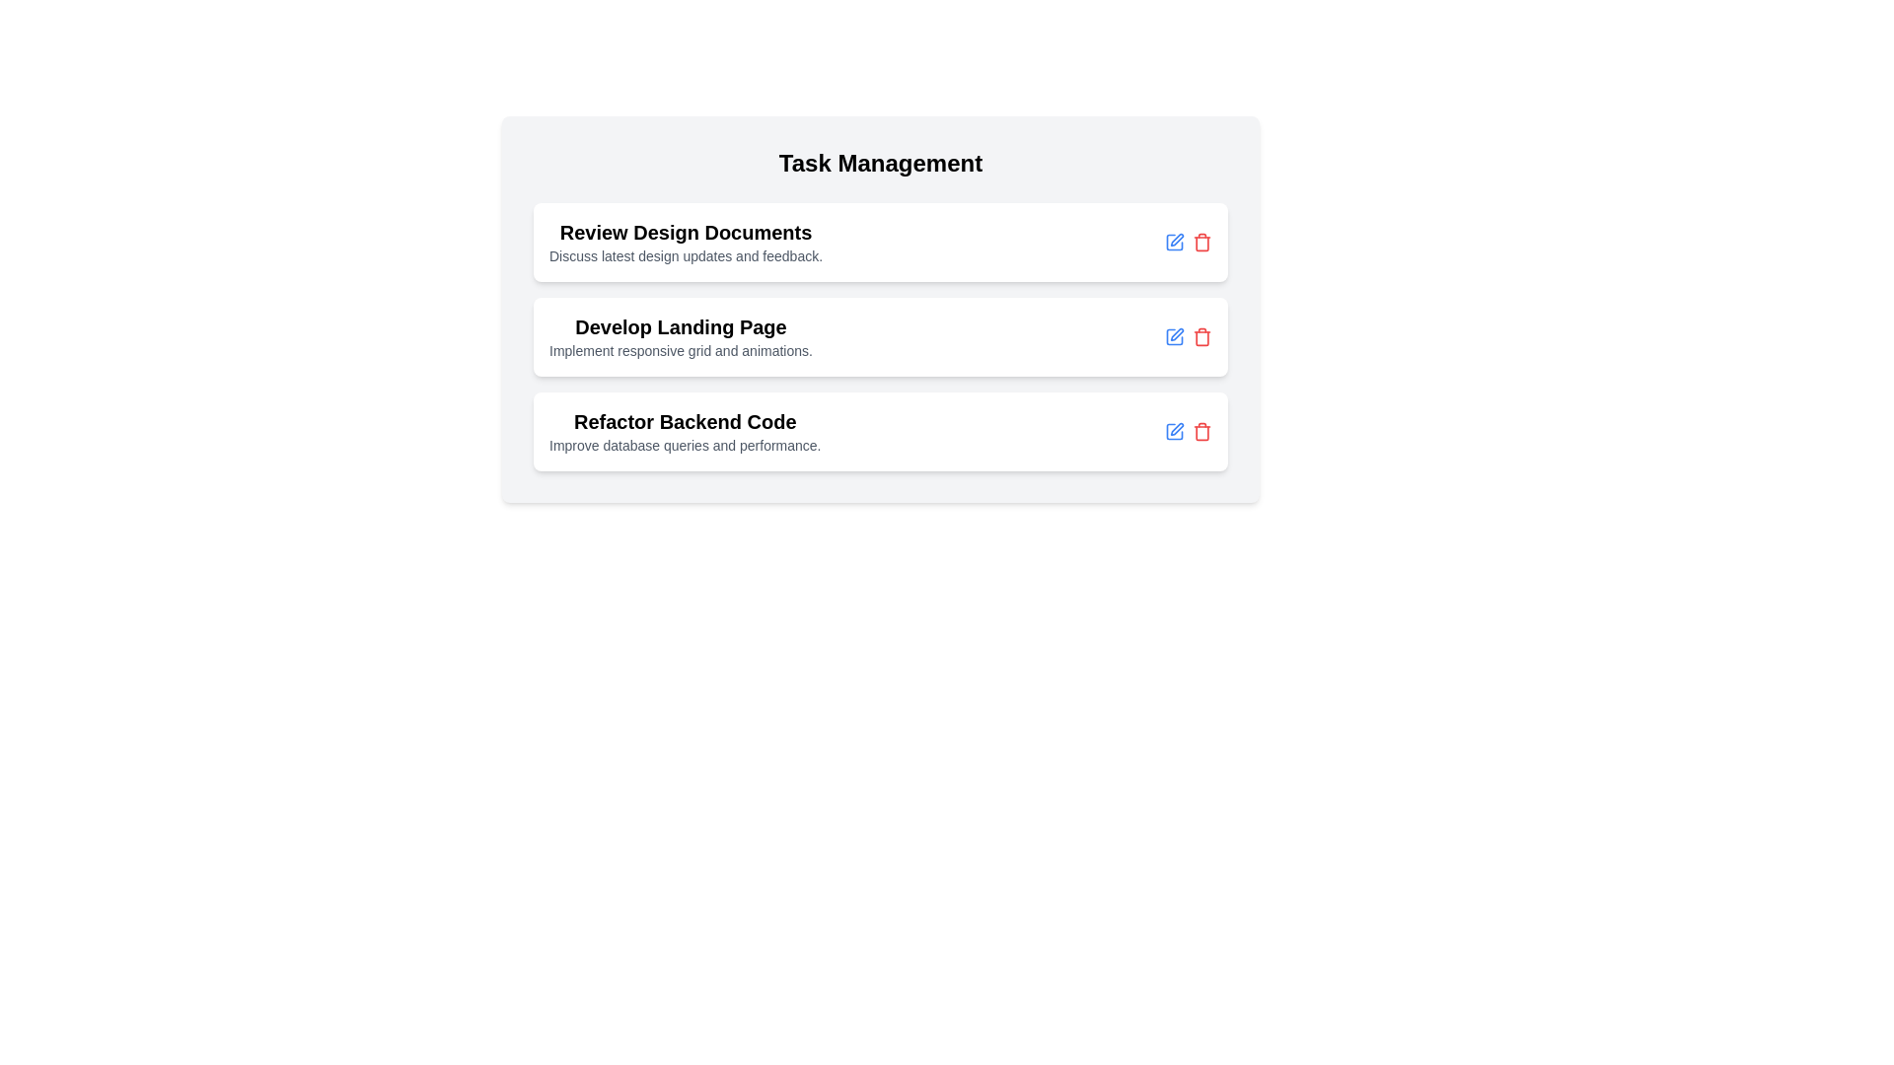  Describe the element at coordinates (686, 242) in the screenshot. I see `to select the task with the bold title 'Review Design Documents' which is the first task item in the interface` at that location.